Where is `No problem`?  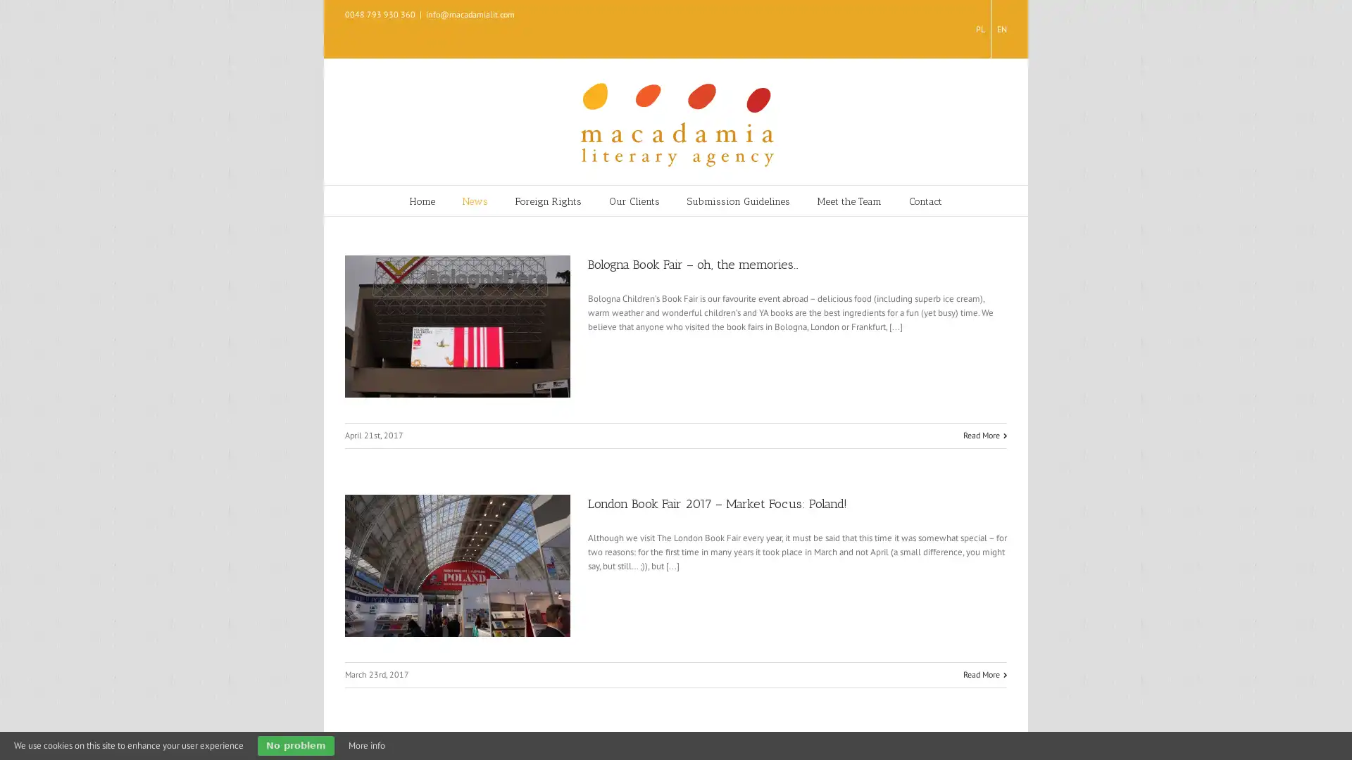
No problem is located at coordinates (295, 745).